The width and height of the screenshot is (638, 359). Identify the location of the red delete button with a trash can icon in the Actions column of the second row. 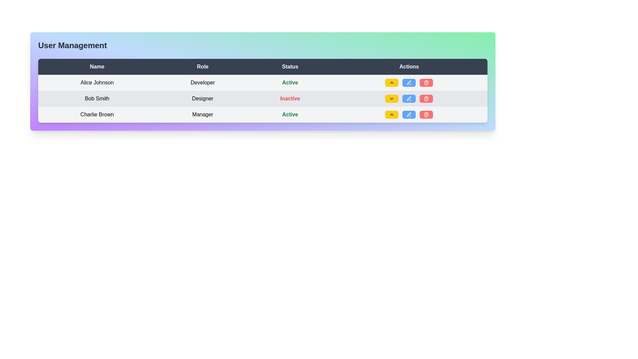
(426, 82).